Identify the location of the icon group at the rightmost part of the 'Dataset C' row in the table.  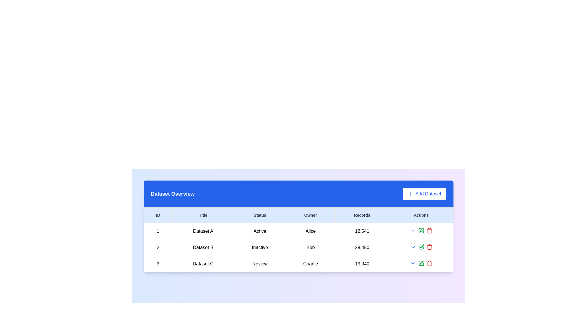
(421, 263).